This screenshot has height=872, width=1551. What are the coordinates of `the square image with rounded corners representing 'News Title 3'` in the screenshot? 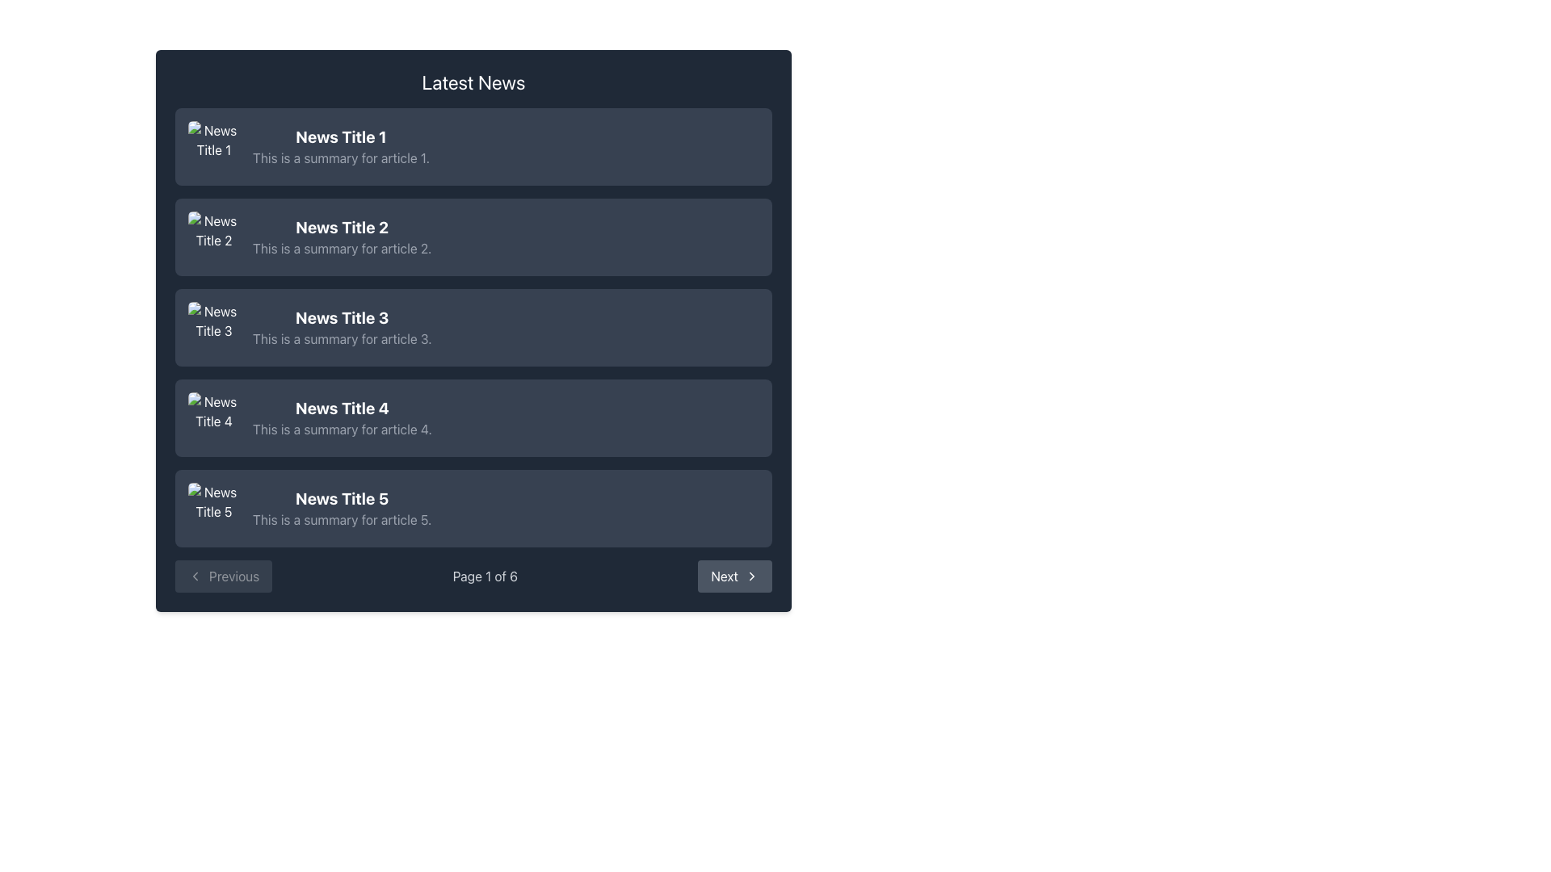 It's located at (212, 327).